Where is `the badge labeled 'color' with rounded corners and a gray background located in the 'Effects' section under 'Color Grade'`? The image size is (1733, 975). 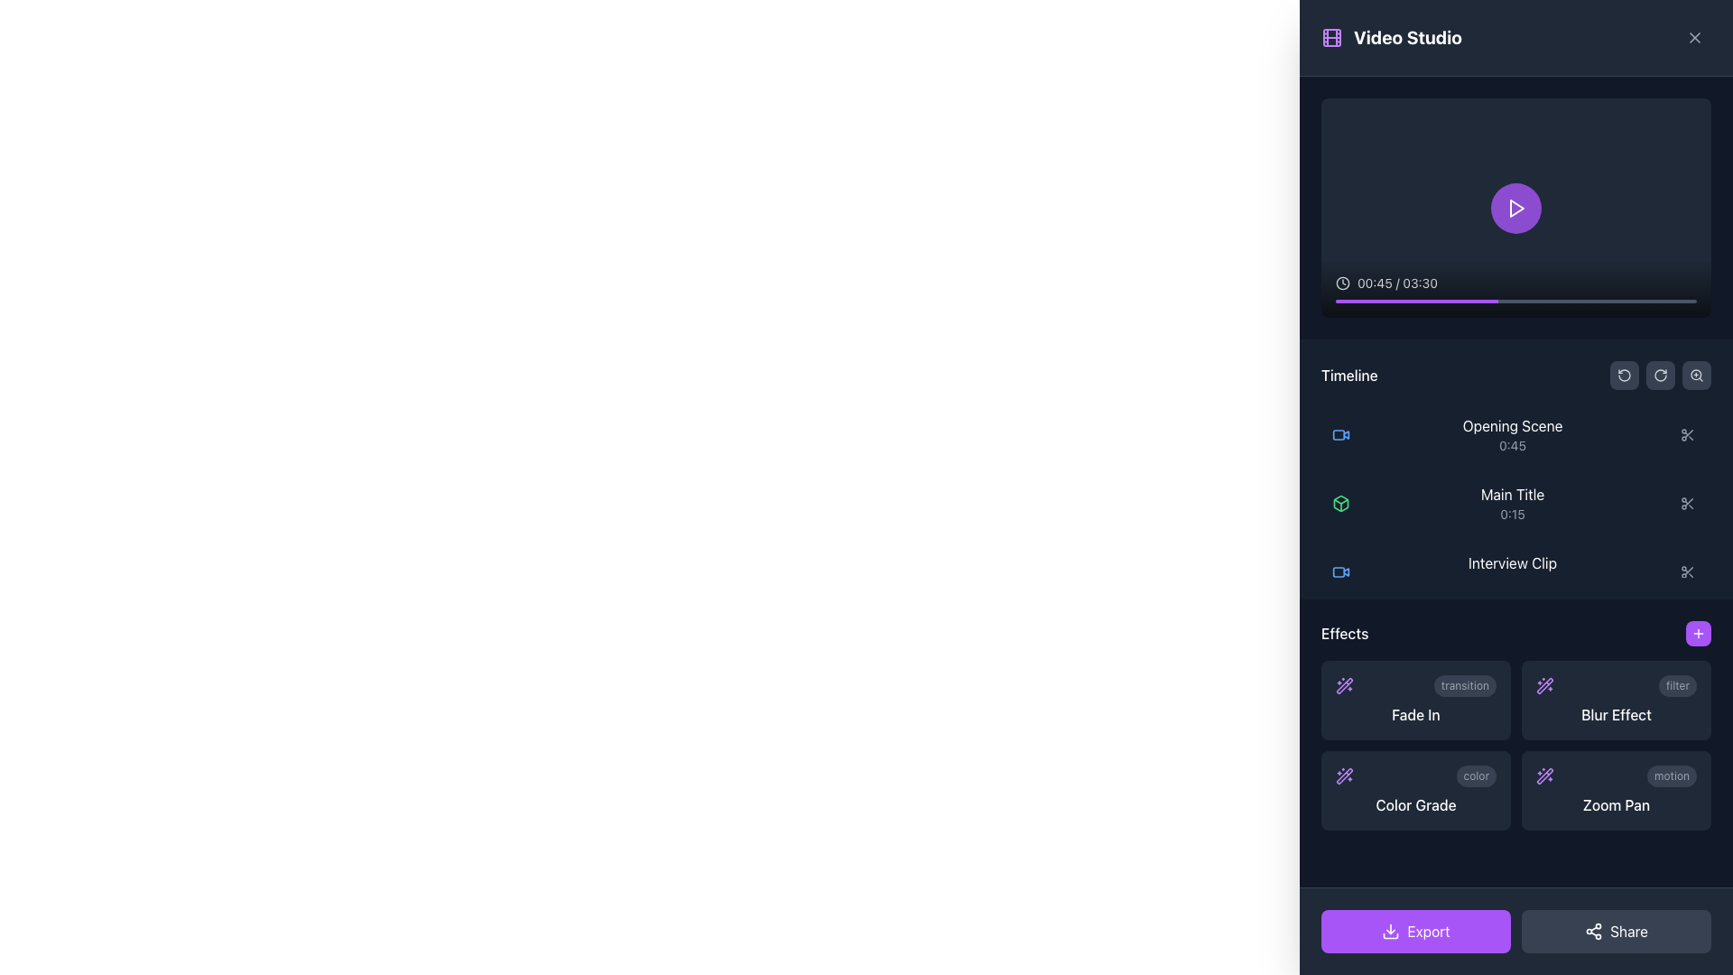 the badge labeled 'color' with rounded corners and a gray background located in the 'Effects' section under 'Color Grade' is located at coordinates (1476, 775).